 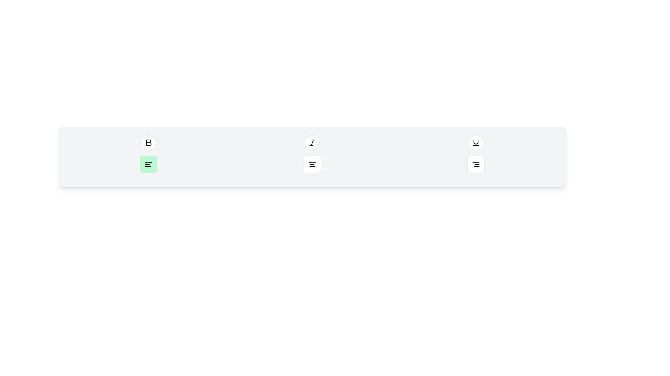 I want to click on the alignment (center) icon button, which is the second button in the horizontal group located beneath the italicized 'I' symbol button, to align selected content to the center, so click(x=312, y=164).